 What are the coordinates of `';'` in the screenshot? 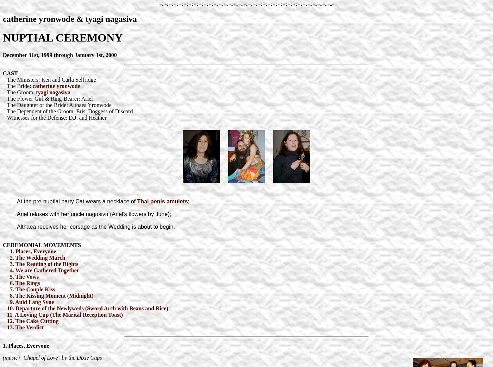 It's located at (188, 201).